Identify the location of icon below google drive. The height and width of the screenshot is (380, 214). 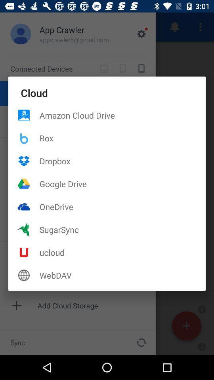
(122, 206).